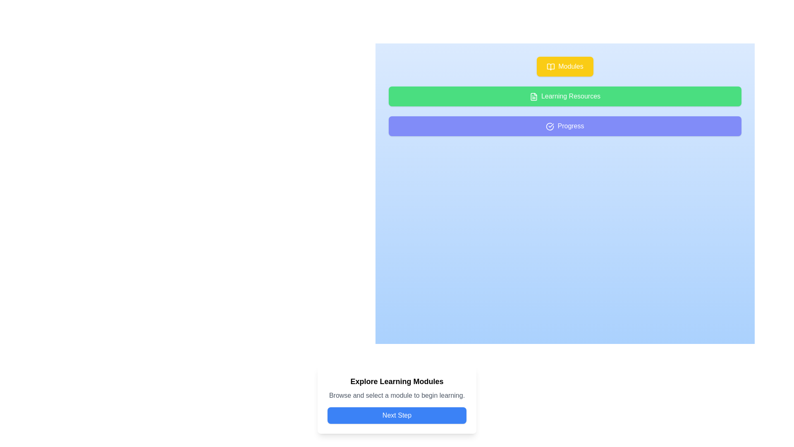 The height and width of the screenshot is (447, 794). I want to click on the static text label containing 'Browse and select a module to begin learning.' which is located below the title 'Explore Learning Modules' and above the 'Next Step' button, so click(397, 395).